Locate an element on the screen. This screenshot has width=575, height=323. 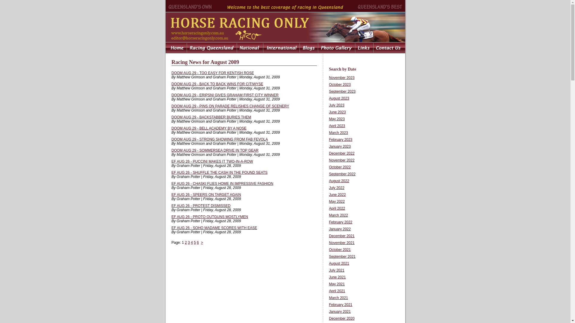
'December 2022' is located at coordinates (341, 153).